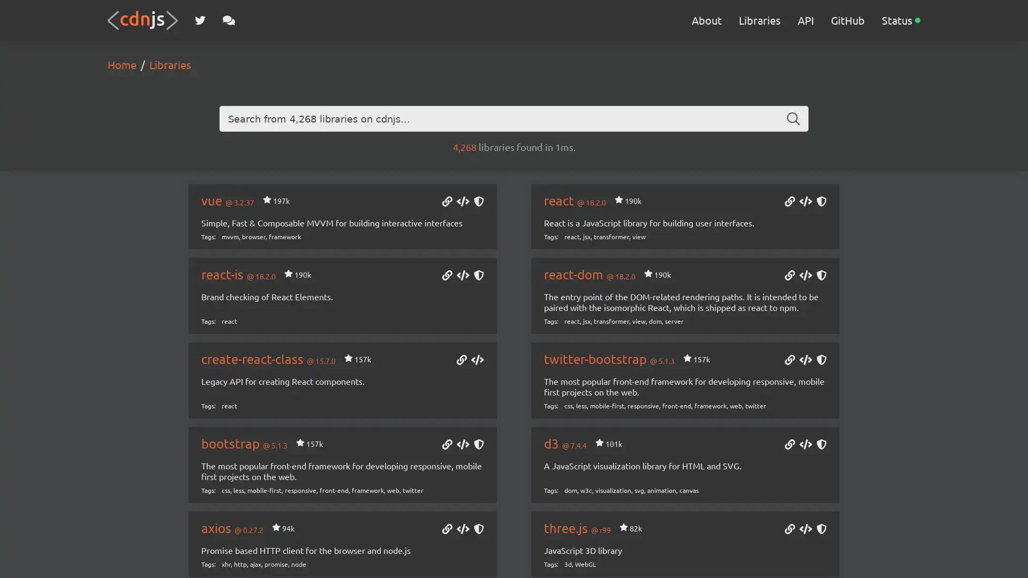 This screenshot has height=578, width=1028. I want to click on Copy URL, so click(789, 361).